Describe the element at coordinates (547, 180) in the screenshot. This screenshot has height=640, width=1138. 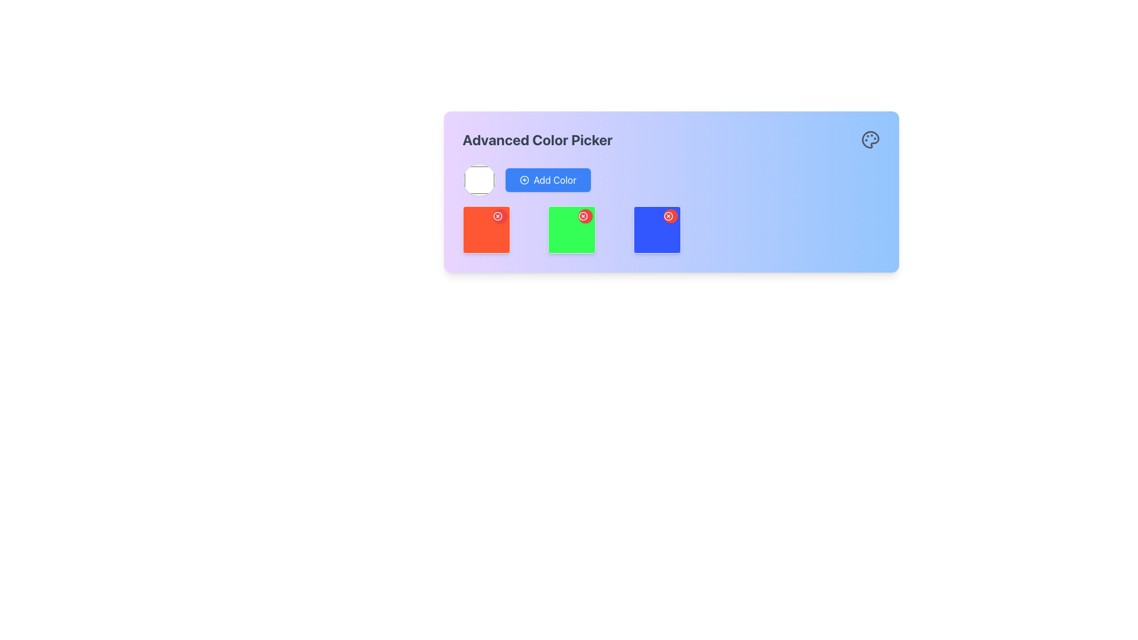
I see `the 'Add Color' button, which is a rounded rectangular button with a blue background and white text` at that location.